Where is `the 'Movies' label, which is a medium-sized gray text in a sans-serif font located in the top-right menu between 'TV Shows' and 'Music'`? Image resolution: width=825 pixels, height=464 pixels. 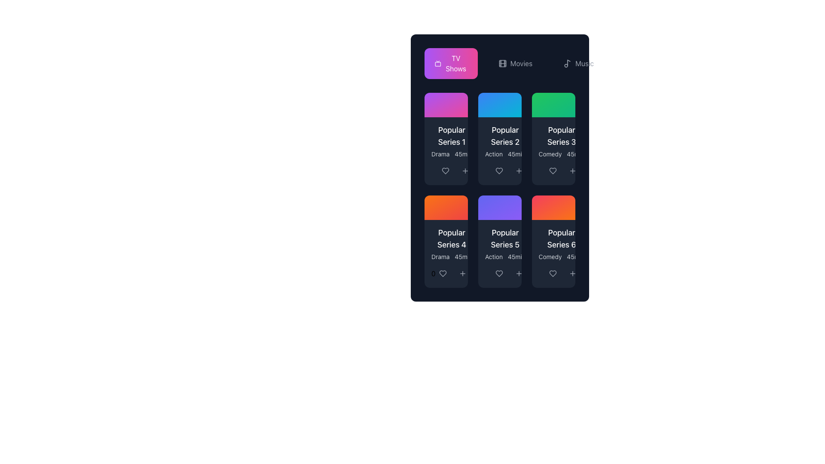
the 'Movies' label, which is a medium-sized gray text in a sans-serif font located in the top-right menu between 'TV Shows' and 'Music' is located at coordinates (521, 63).